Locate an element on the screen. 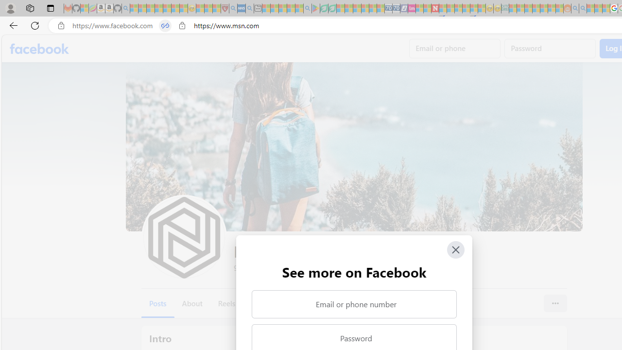 Image resolution: width=622 pixels, height=350 pixels. 'Facebook' is located at coordinates (39, 49).